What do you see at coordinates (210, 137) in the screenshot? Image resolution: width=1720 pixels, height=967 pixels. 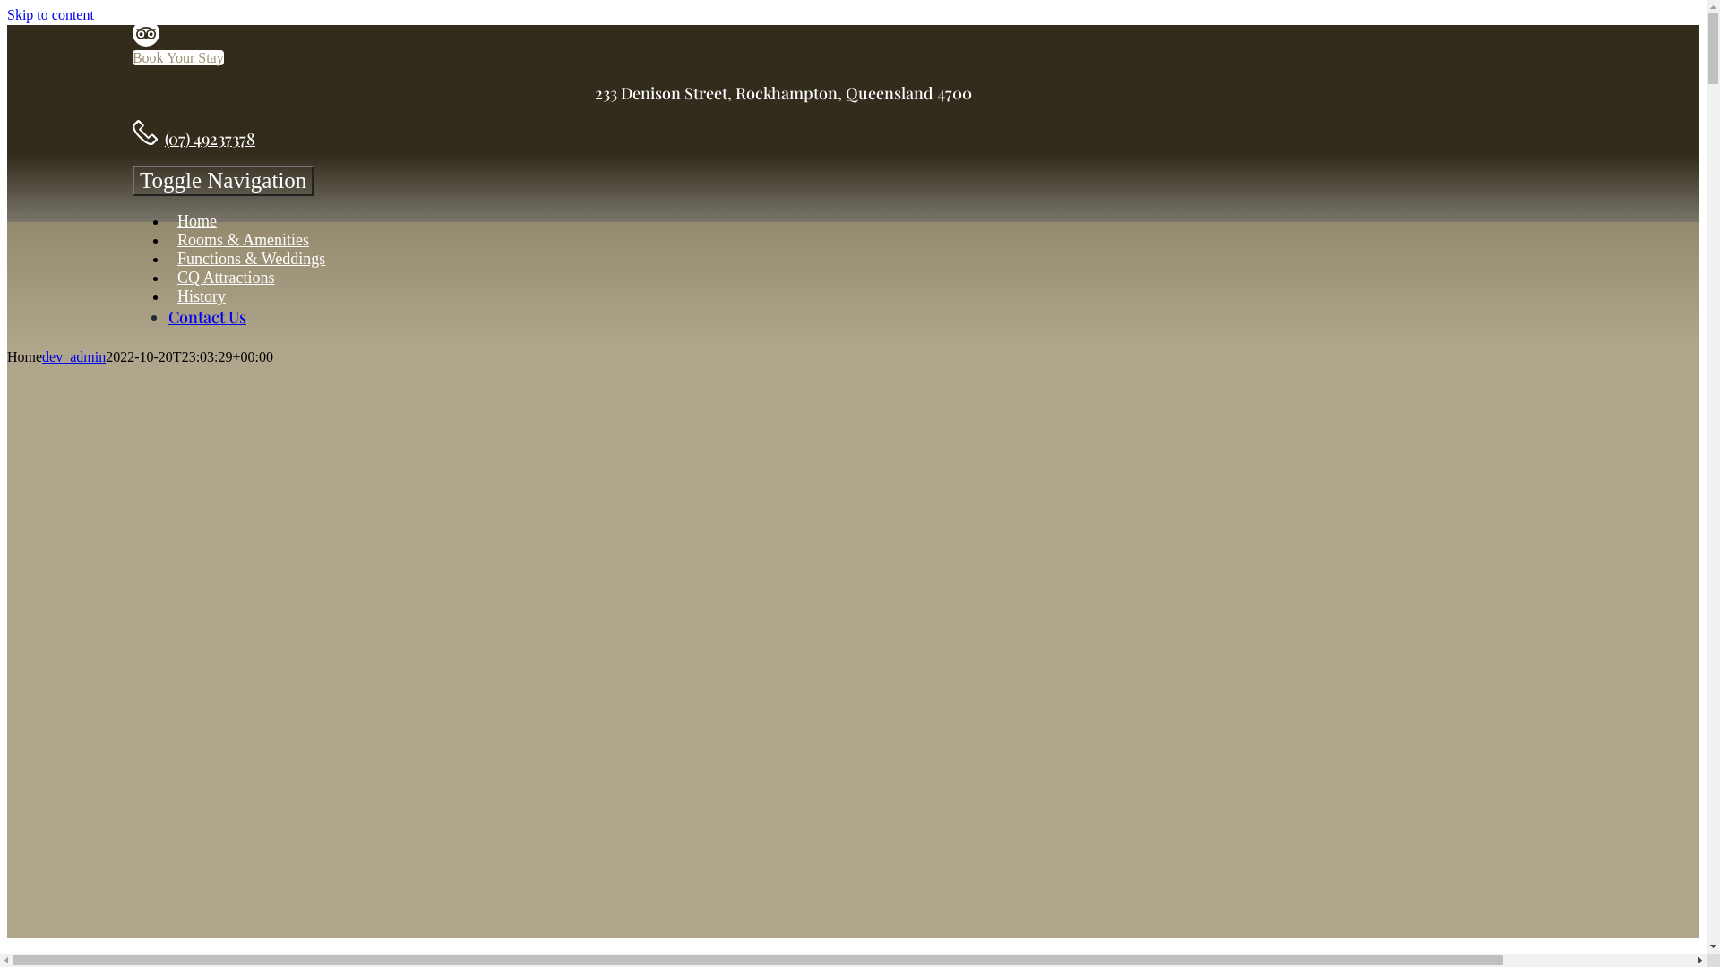 I see `'(07) 49237378'` at bounding box center [210, 137].